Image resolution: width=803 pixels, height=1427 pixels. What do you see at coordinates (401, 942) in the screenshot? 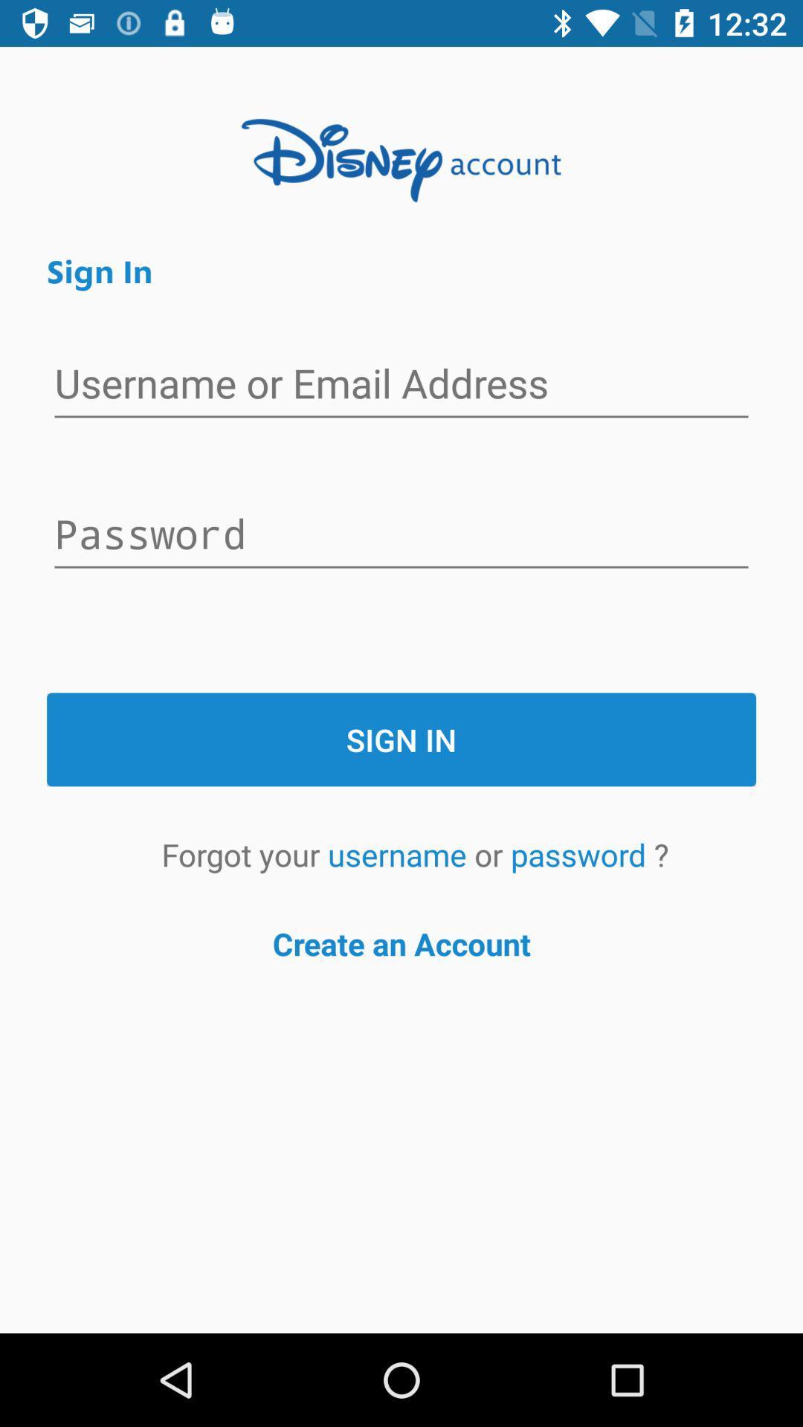
I see `icon below forgot your` at bounding box center [401, 942].